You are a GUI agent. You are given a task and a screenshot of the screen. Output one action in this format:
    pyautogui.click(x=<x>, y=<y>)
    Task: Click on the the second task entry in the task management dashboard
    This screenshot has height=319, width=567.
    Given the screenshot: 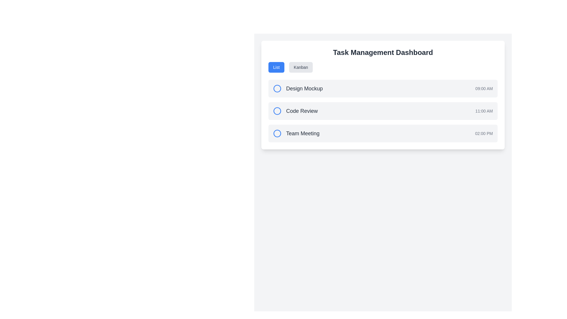 What is the action you would take?
    pyautogui.click(x=383, y=111)
    